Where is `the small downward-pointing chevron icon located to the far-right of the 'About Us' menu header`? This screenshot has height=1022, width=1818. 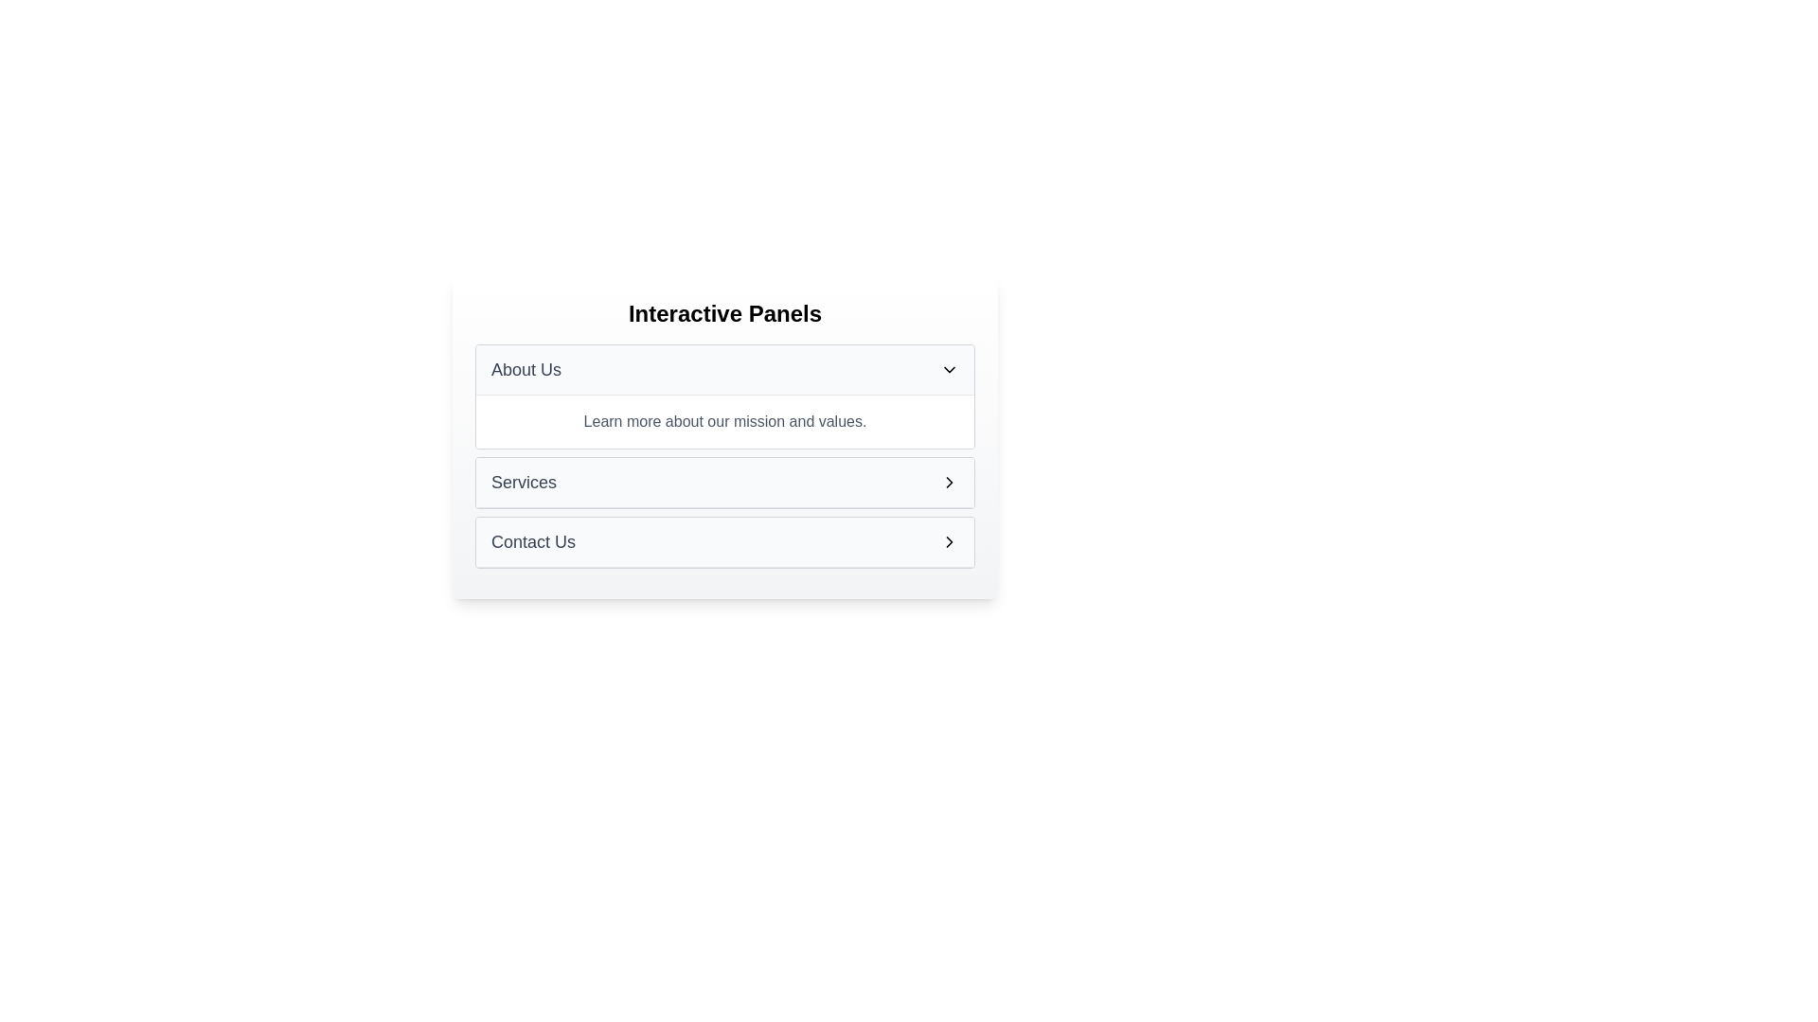
the small downward-pointing chevron icon located to the far-right of the 'About Us' menu header is located at coordinates (950, 369).